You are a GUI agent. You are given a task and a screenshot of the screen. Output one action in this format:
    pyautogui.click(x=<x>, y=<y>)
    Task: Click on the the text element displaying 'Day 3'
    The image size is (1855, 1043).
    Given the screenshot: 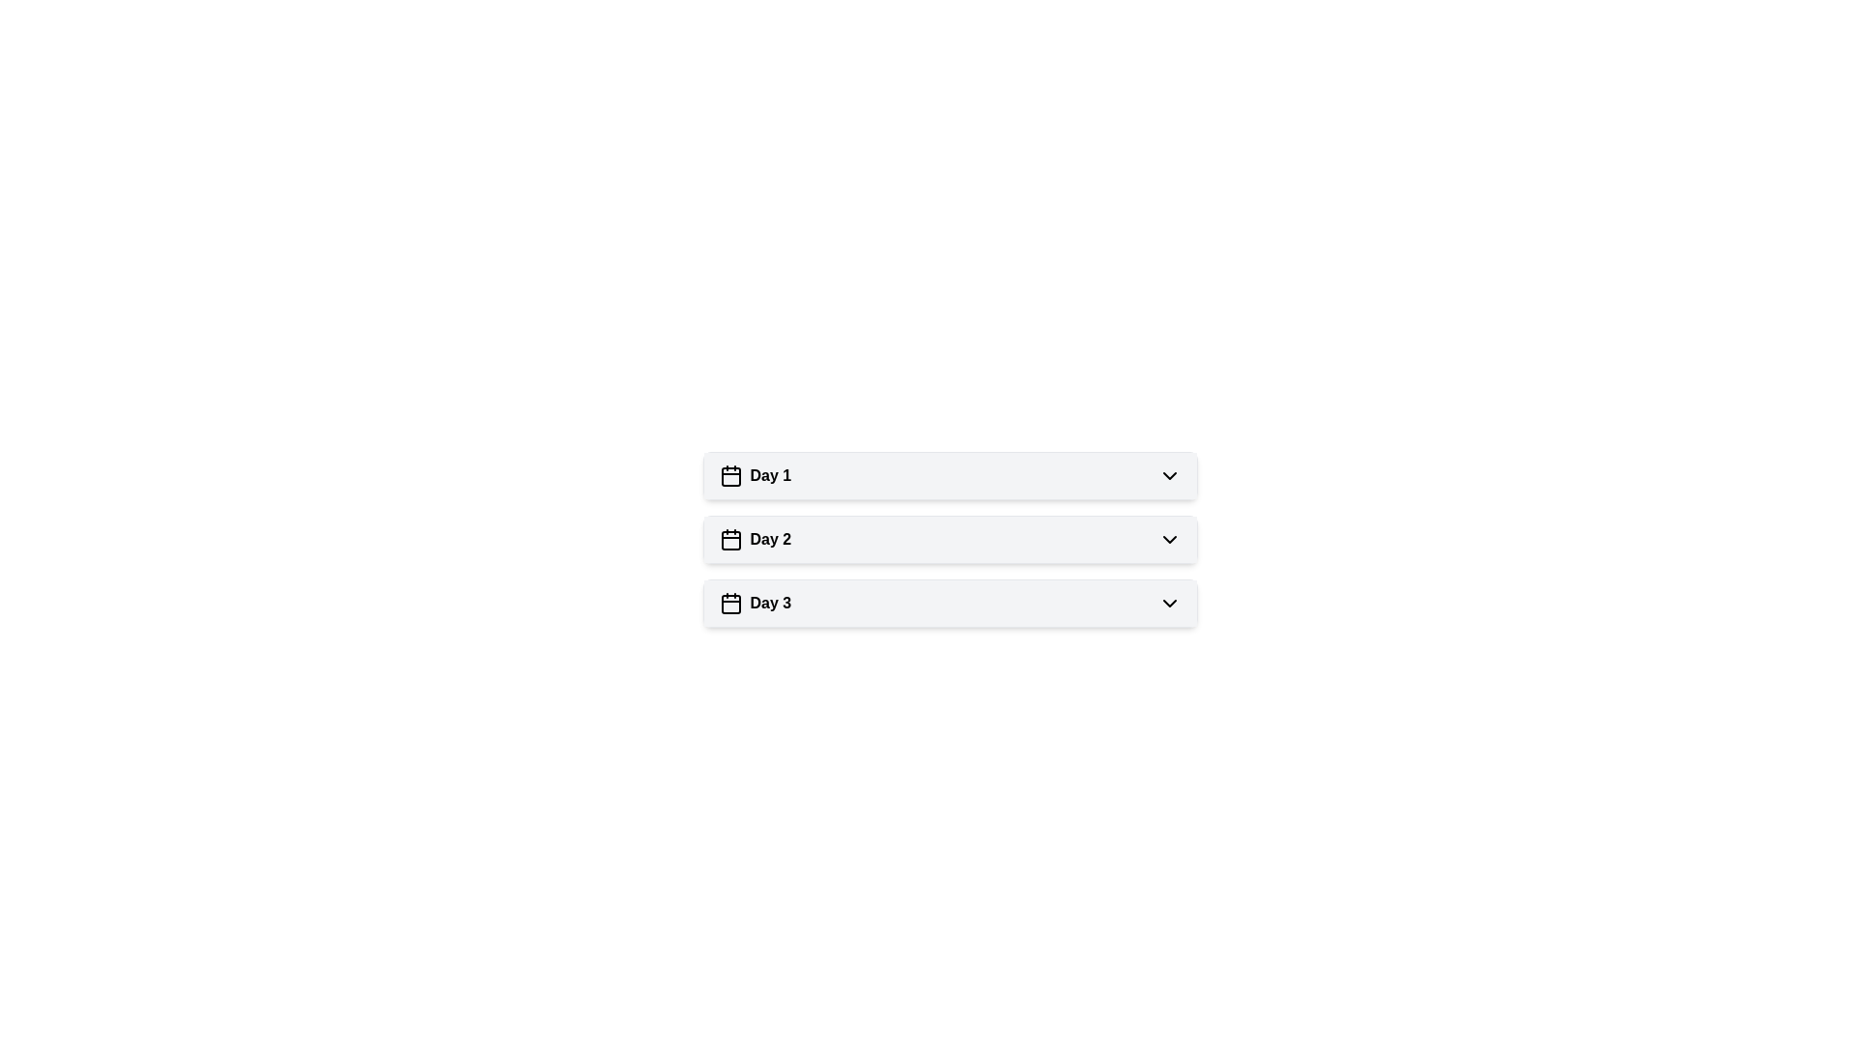 What is the action you would take?
    pyautogui.click(x=754, y=602)
    